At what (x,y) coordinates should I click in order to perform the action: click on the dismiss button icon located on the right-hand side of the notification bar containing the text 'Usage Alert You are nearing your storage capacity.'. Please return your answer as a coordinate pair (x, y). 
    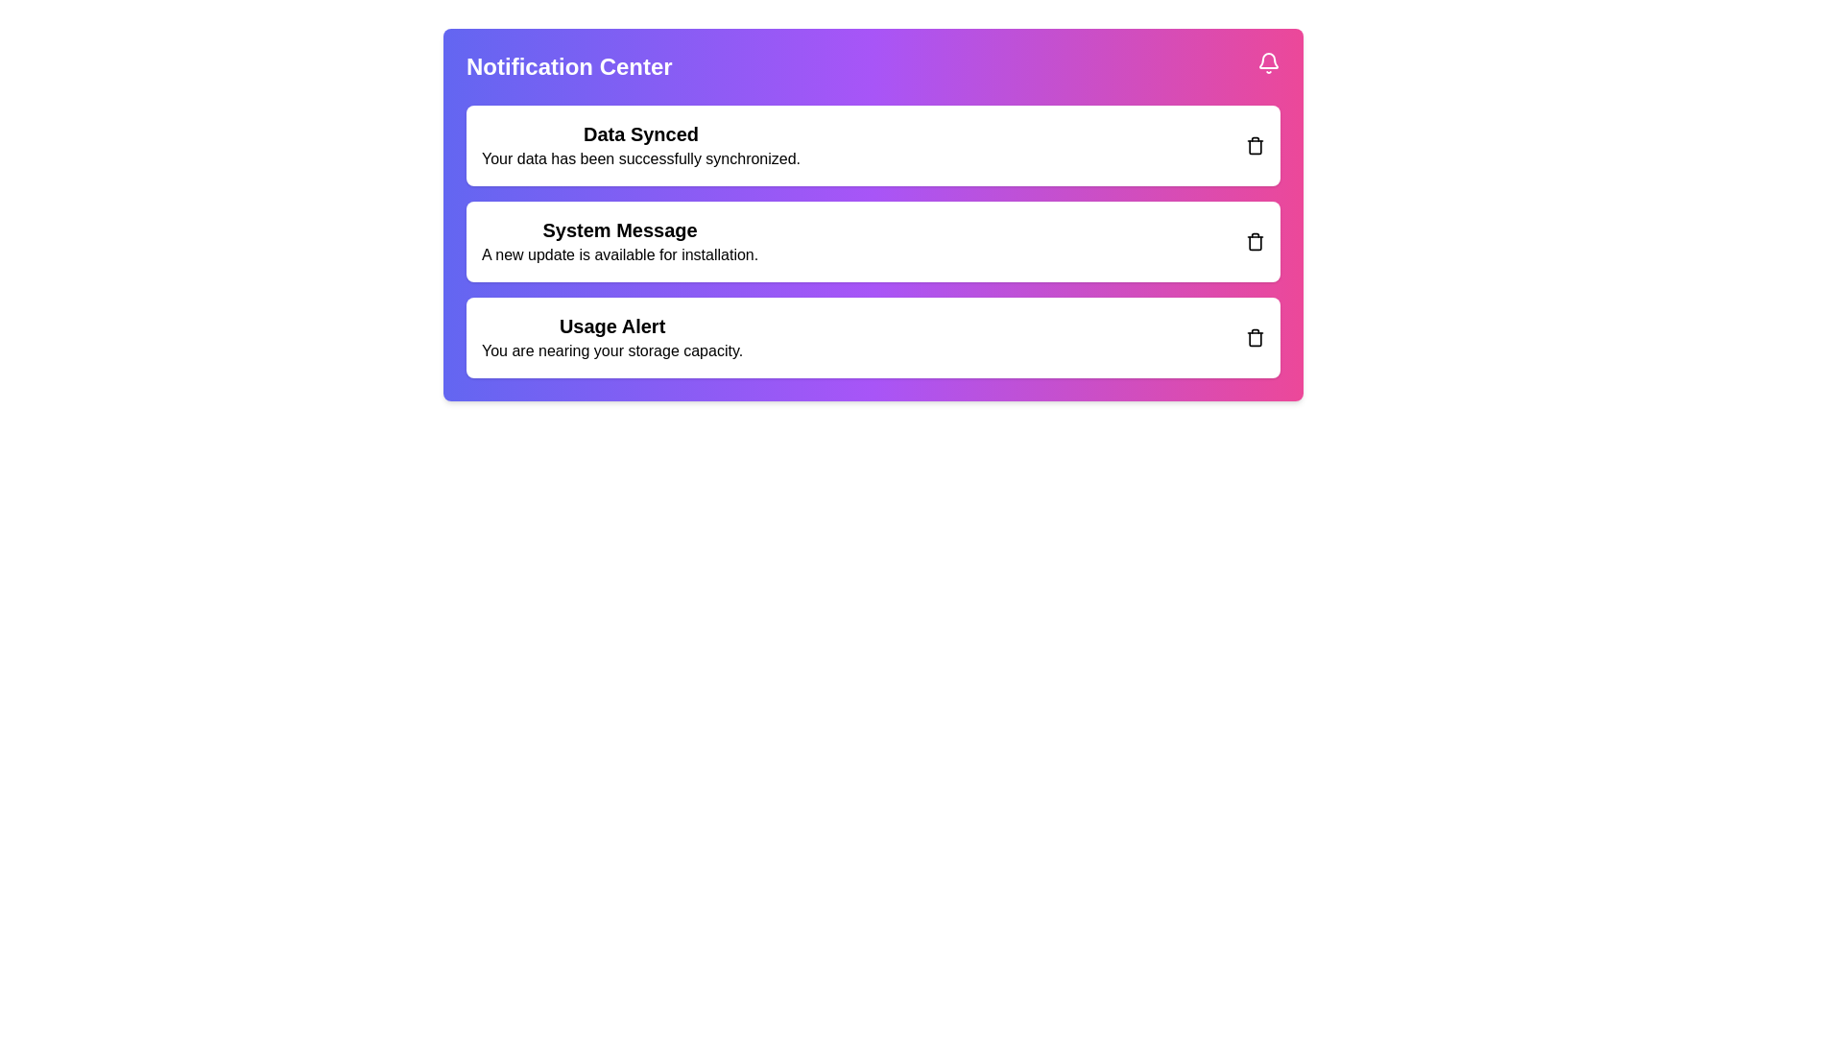
    Looking at the image, I should click on (1256, 336).